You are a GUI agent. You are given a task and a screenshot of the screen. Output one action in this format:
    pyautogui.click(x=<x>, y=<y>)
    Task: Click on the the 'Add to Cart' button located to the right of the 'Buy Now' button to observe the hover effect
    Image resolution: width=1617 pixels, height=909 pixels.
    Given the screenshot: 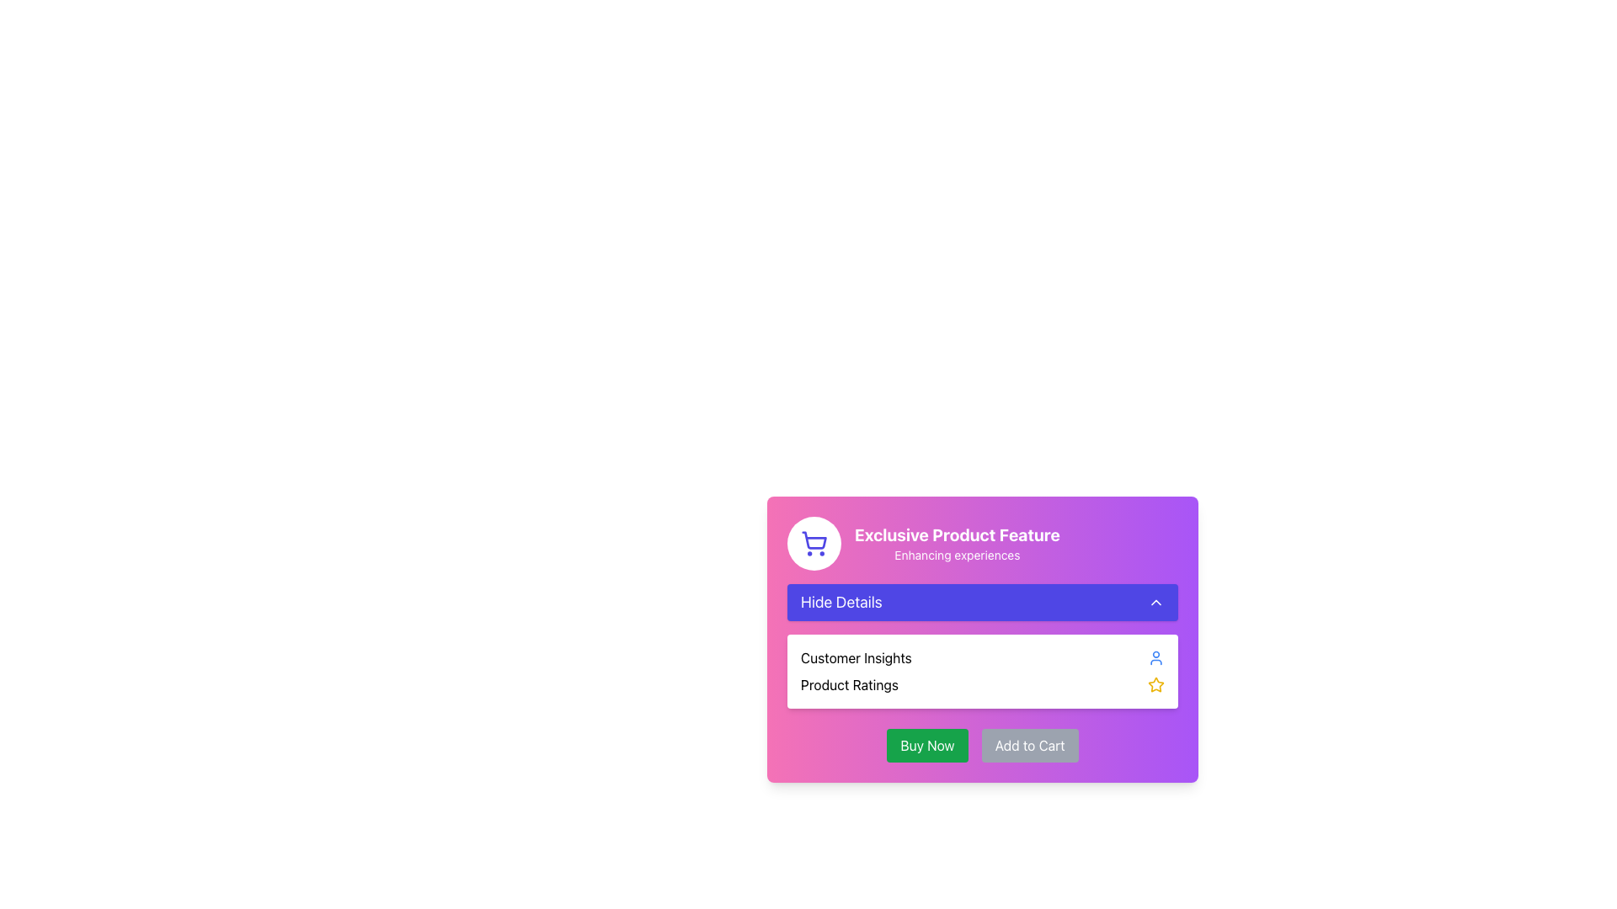 What is the action you would take?
    pyautogui.click(x=1029, y=745)
    